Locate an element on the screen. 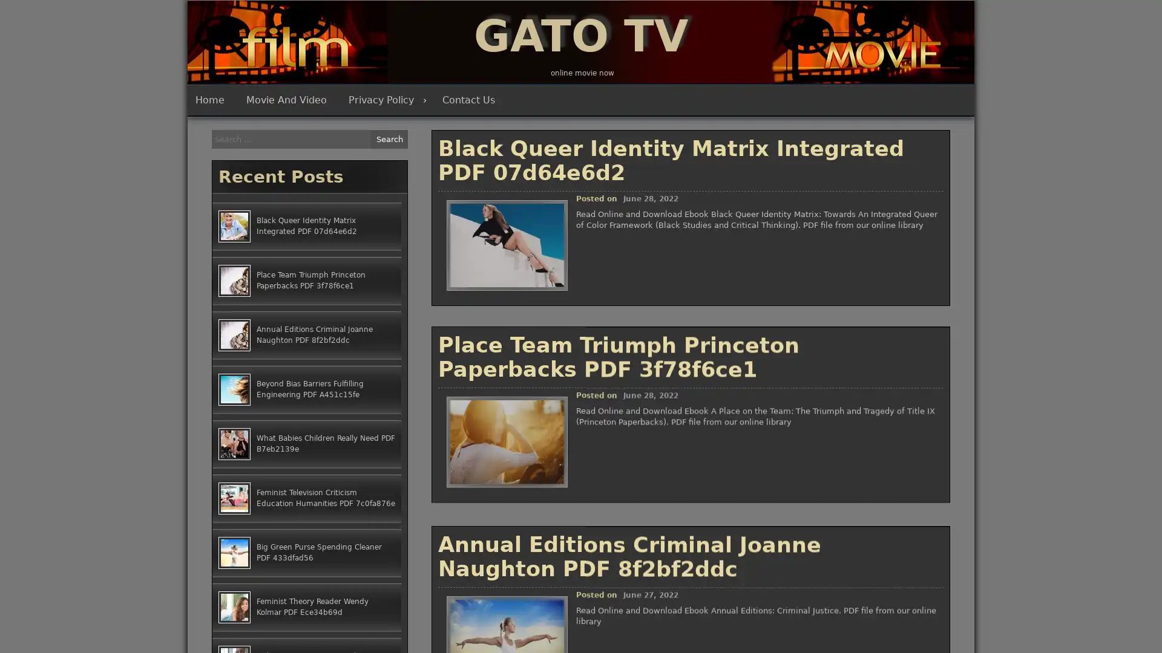  Search is located at coordinates (389, 138).